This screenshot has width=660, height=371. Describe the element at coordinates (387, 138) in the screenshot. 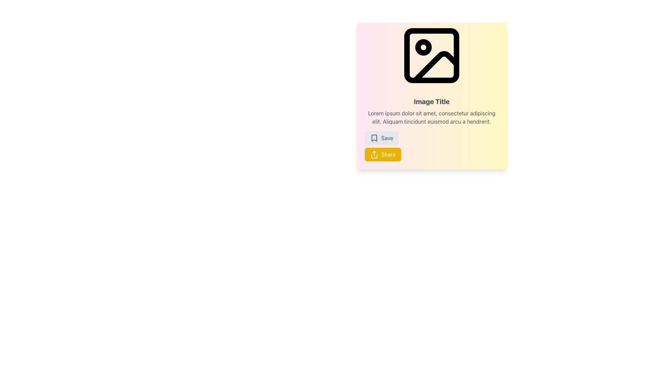

I see `the button containing the text 'Save' which is styled in gray font and located at the bottom-left side of a card interface` at that location.